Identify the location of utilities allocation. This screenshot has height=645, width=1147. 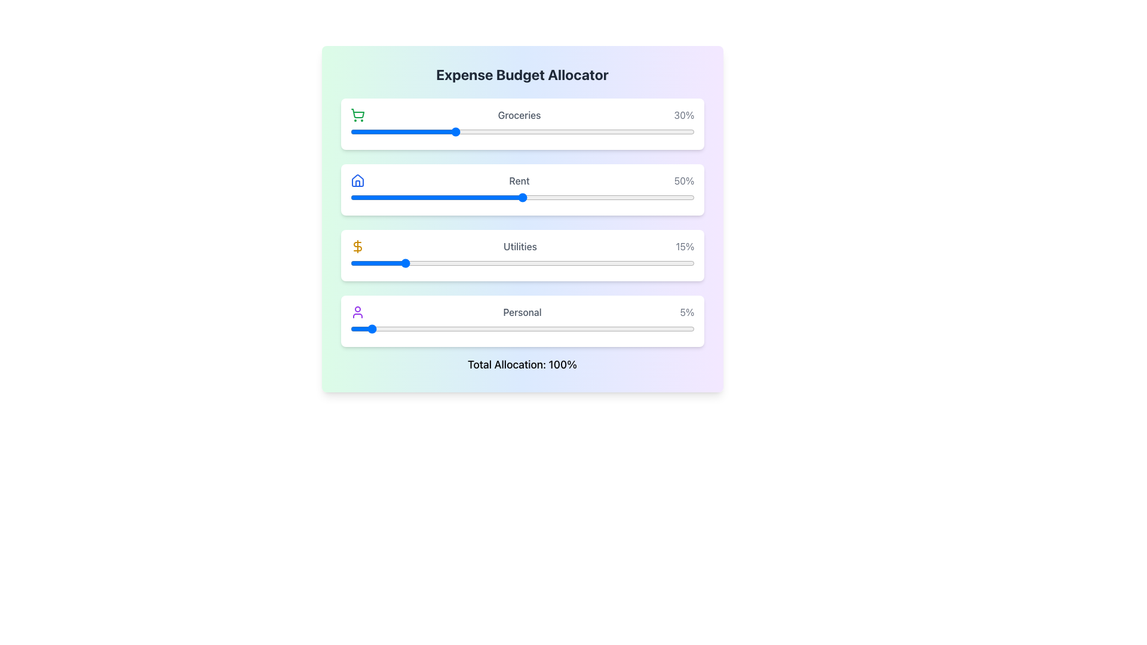
(656, 262).